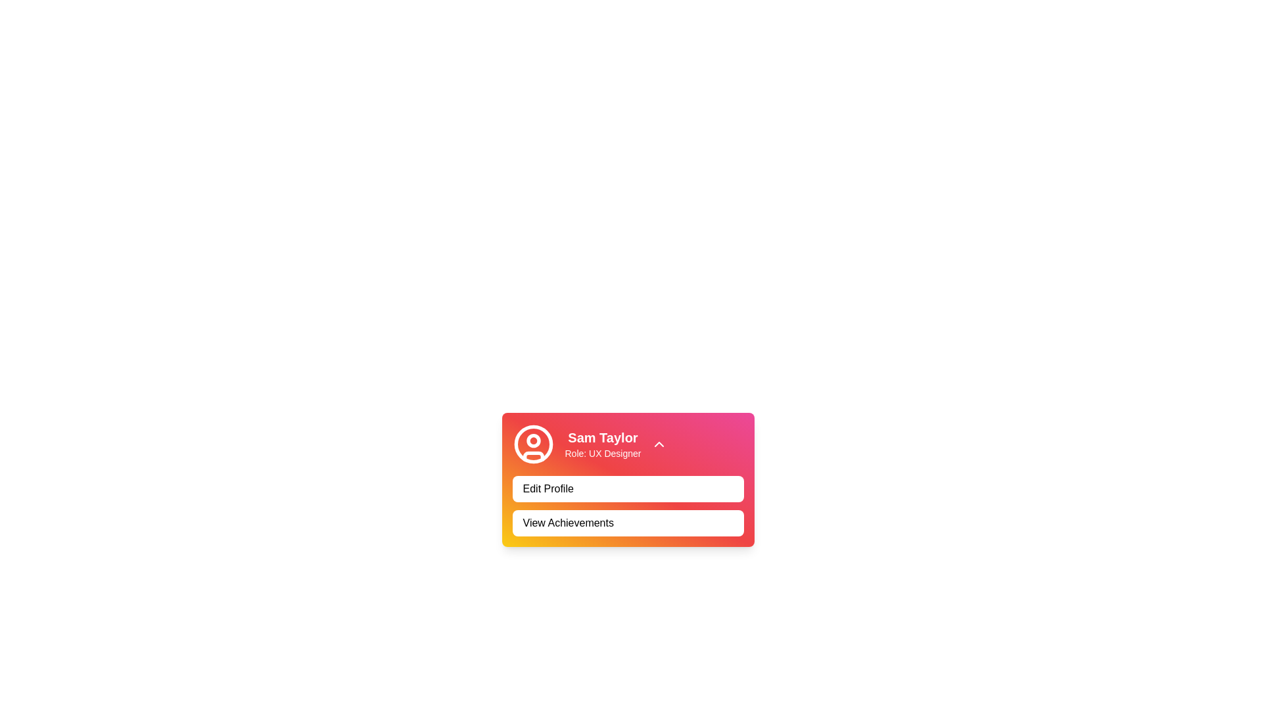 Image resolution: width=1262 pixels, height=710 pixels. I want to click on the curved line representing part of the user profile icon, which is located at the bottom area of the circular user icon within the profile card, so click(533, 456).